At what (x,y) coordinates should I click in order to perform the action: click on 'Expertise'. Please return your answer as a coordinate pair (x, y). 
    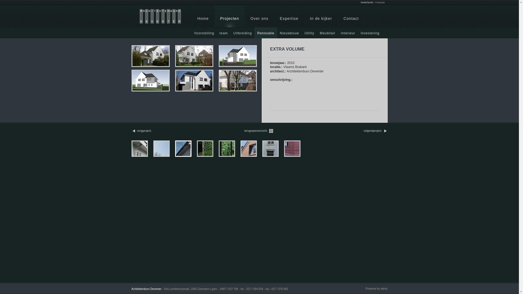
    Looking at the image, I should click on (288, 16).